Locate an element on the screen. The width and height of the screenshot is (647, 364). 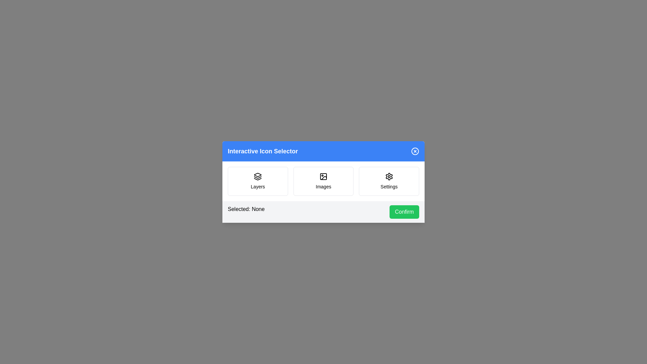
the icon Settings by clicking on it is located at coordinates (389, 181).